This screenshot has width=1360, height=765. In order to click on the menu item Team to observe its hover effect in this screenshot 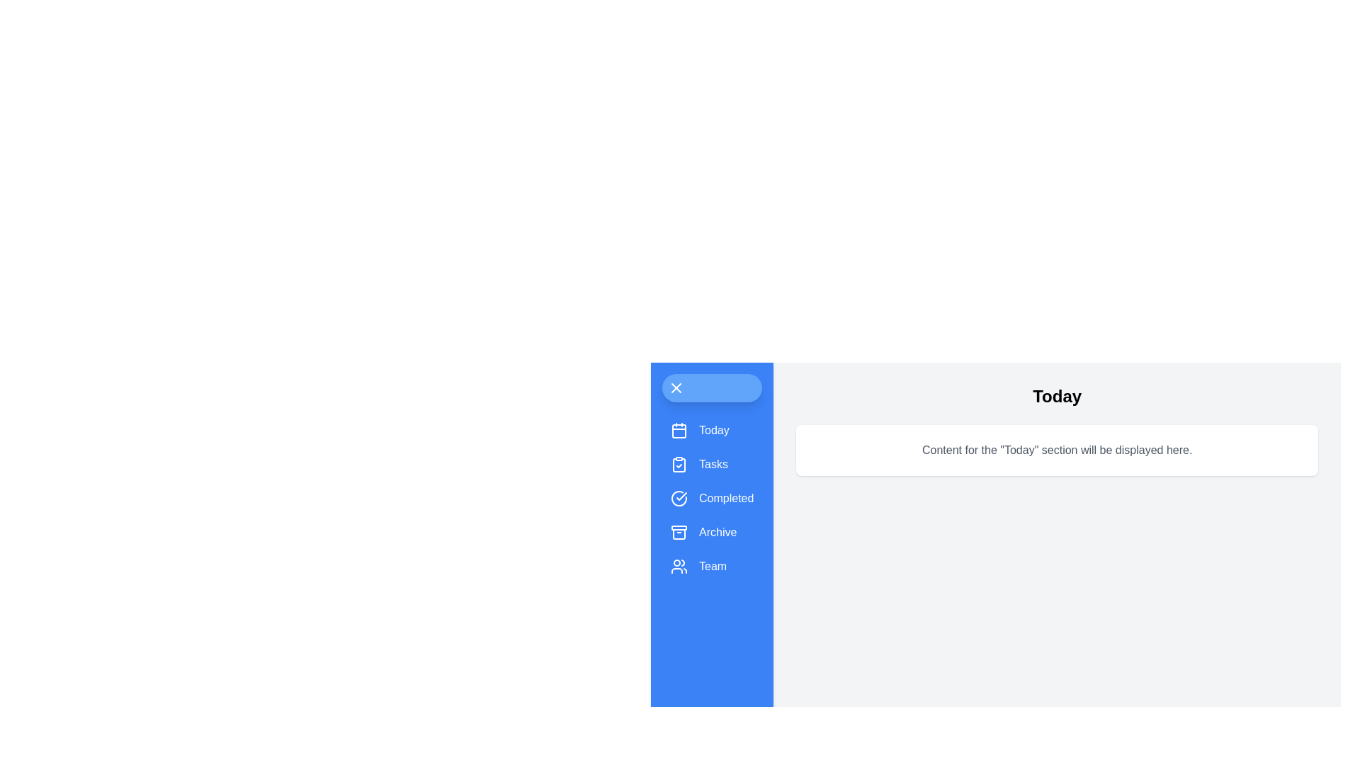, I will do `click(712, 565)`.